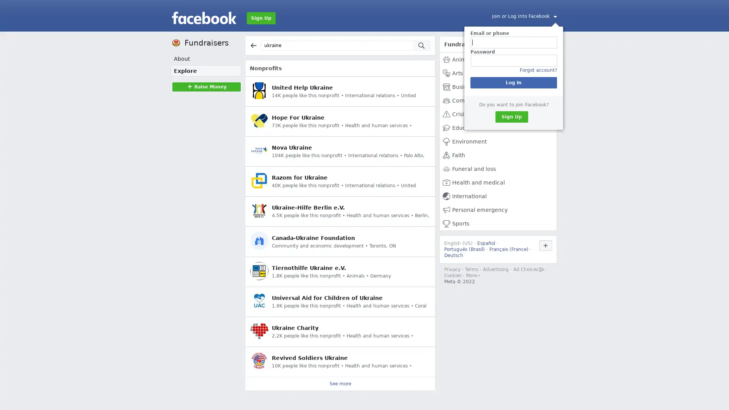 The width and height of the screenshot is (729, 410). Describe the element at coordinates (509, 249) in the screenshot. I see `Francais (France)` at that location.